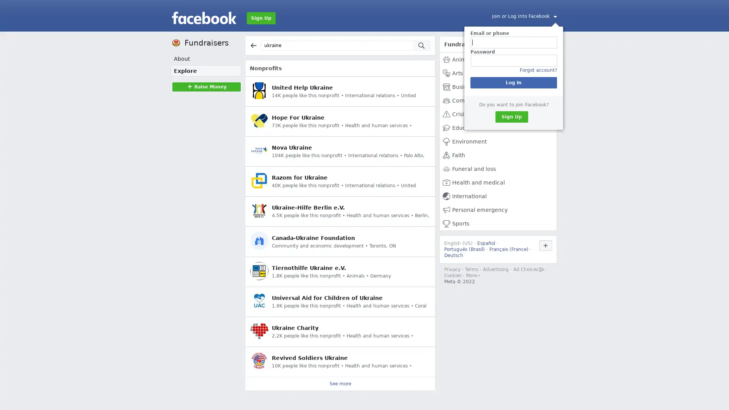 The width and height of the screenshot is (729, 410). Describe the element at coordinates (509, 249) in the screenshot. I see `Francais (France)` at that location.